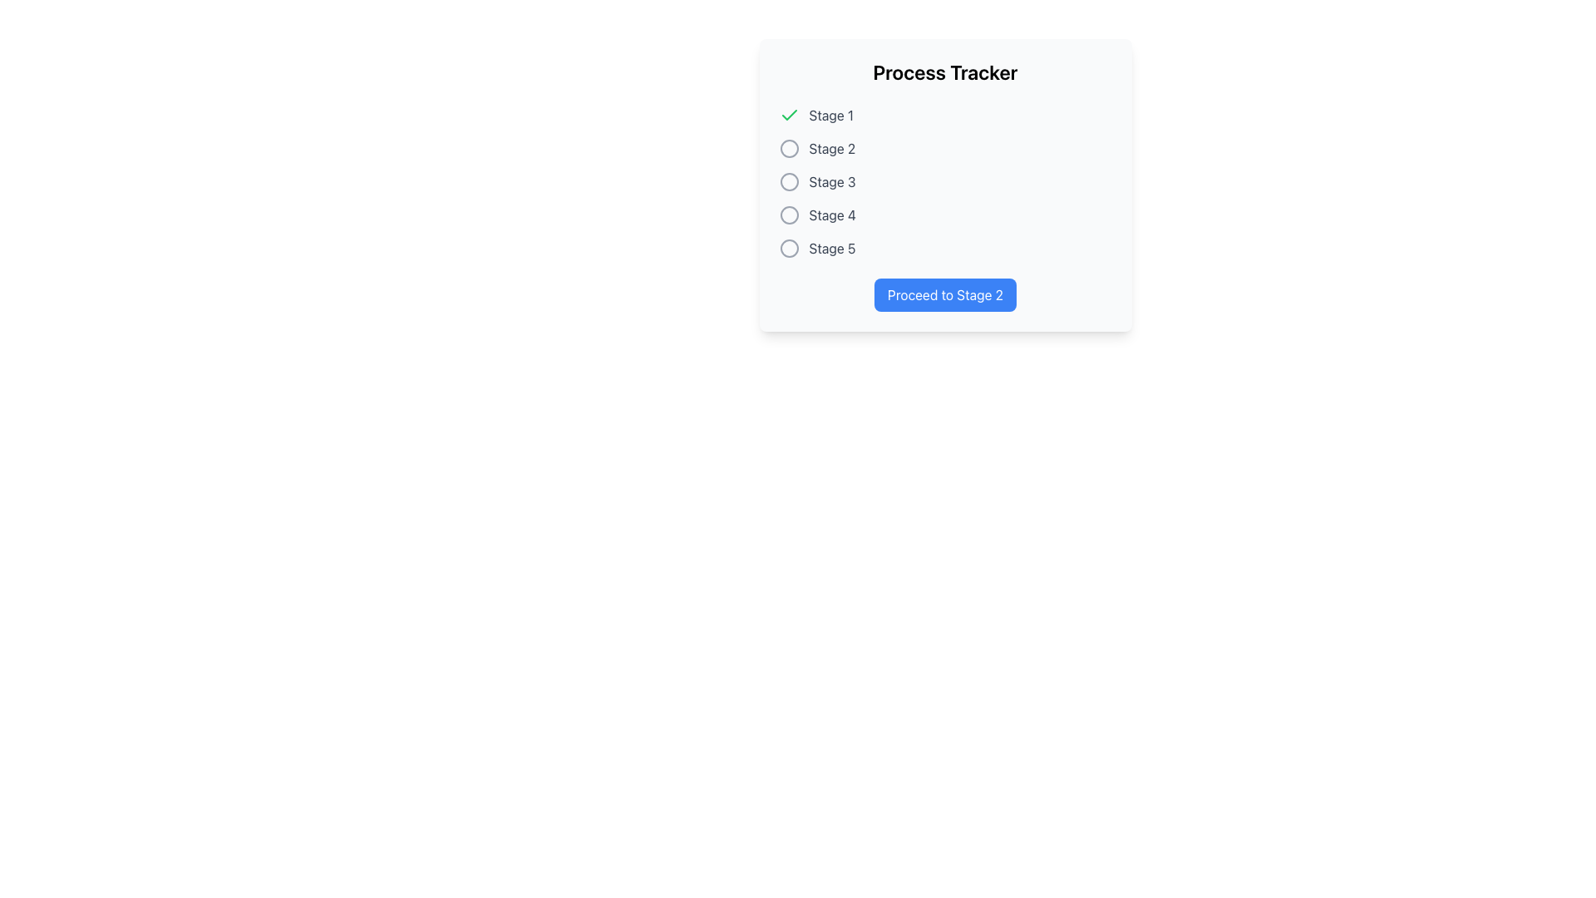  What do you see at coordinates (945, 114) in the screenshot?
I see `the Status indicator labeled 'Stage 1' in the 'Process Tracker' to receive additional information` at bounding box center [945, 114].